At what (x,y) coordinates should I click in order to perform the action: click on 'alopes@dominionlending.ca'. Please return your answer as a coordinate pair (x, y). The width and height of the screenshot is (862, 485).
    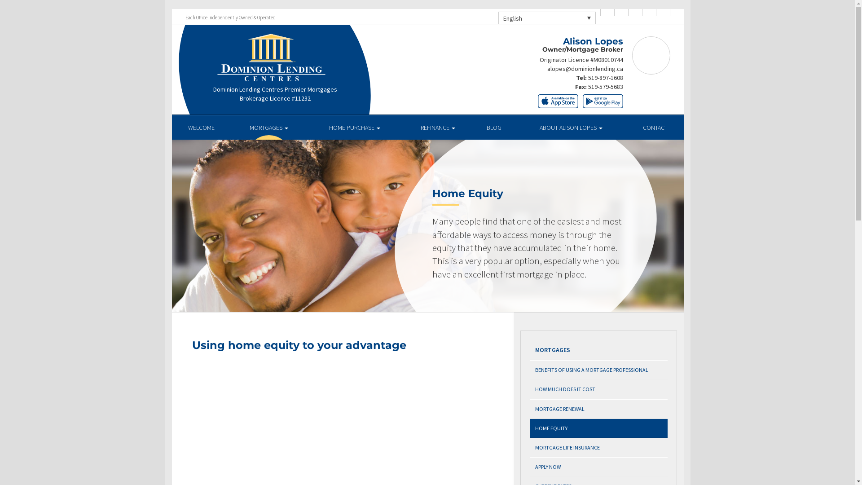
    Looking at the image, I should click on (585, 68).